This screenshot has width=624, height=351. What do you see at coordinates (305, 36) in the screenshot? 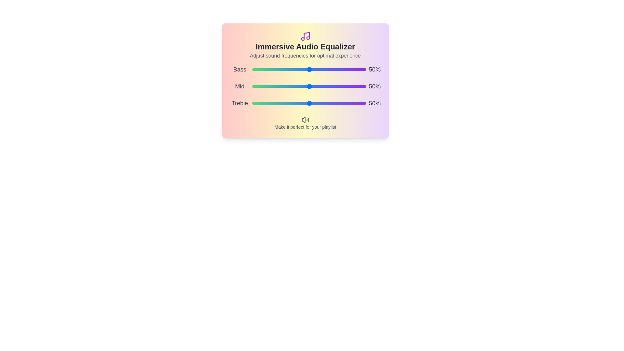
I see `the music icon to explore its functionality` at bounding box center [305, 36].